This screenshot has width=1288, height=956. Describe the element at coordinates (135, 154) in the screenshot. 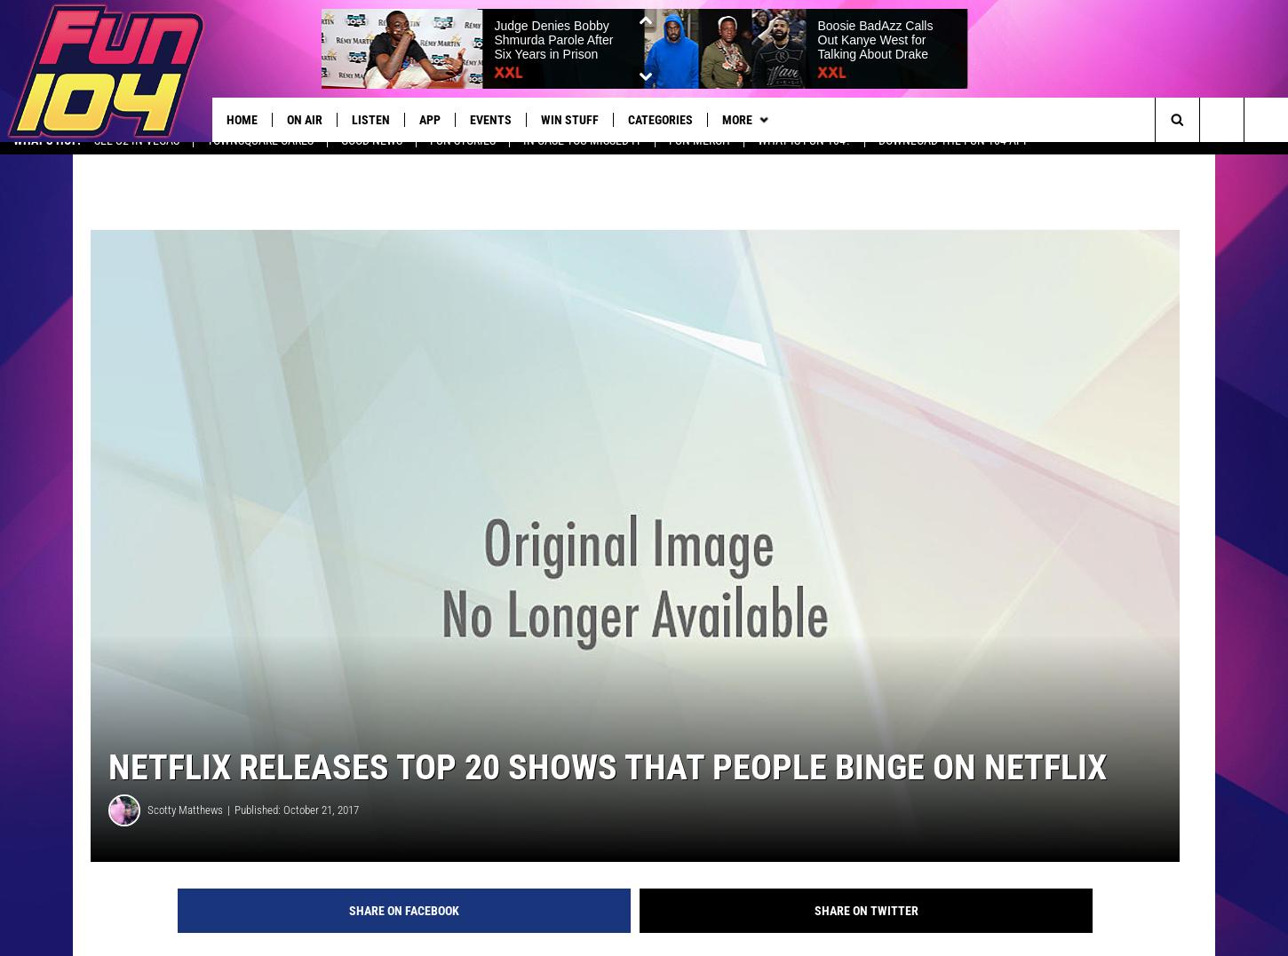

I see `'See U2 in Vegas'` at that location.